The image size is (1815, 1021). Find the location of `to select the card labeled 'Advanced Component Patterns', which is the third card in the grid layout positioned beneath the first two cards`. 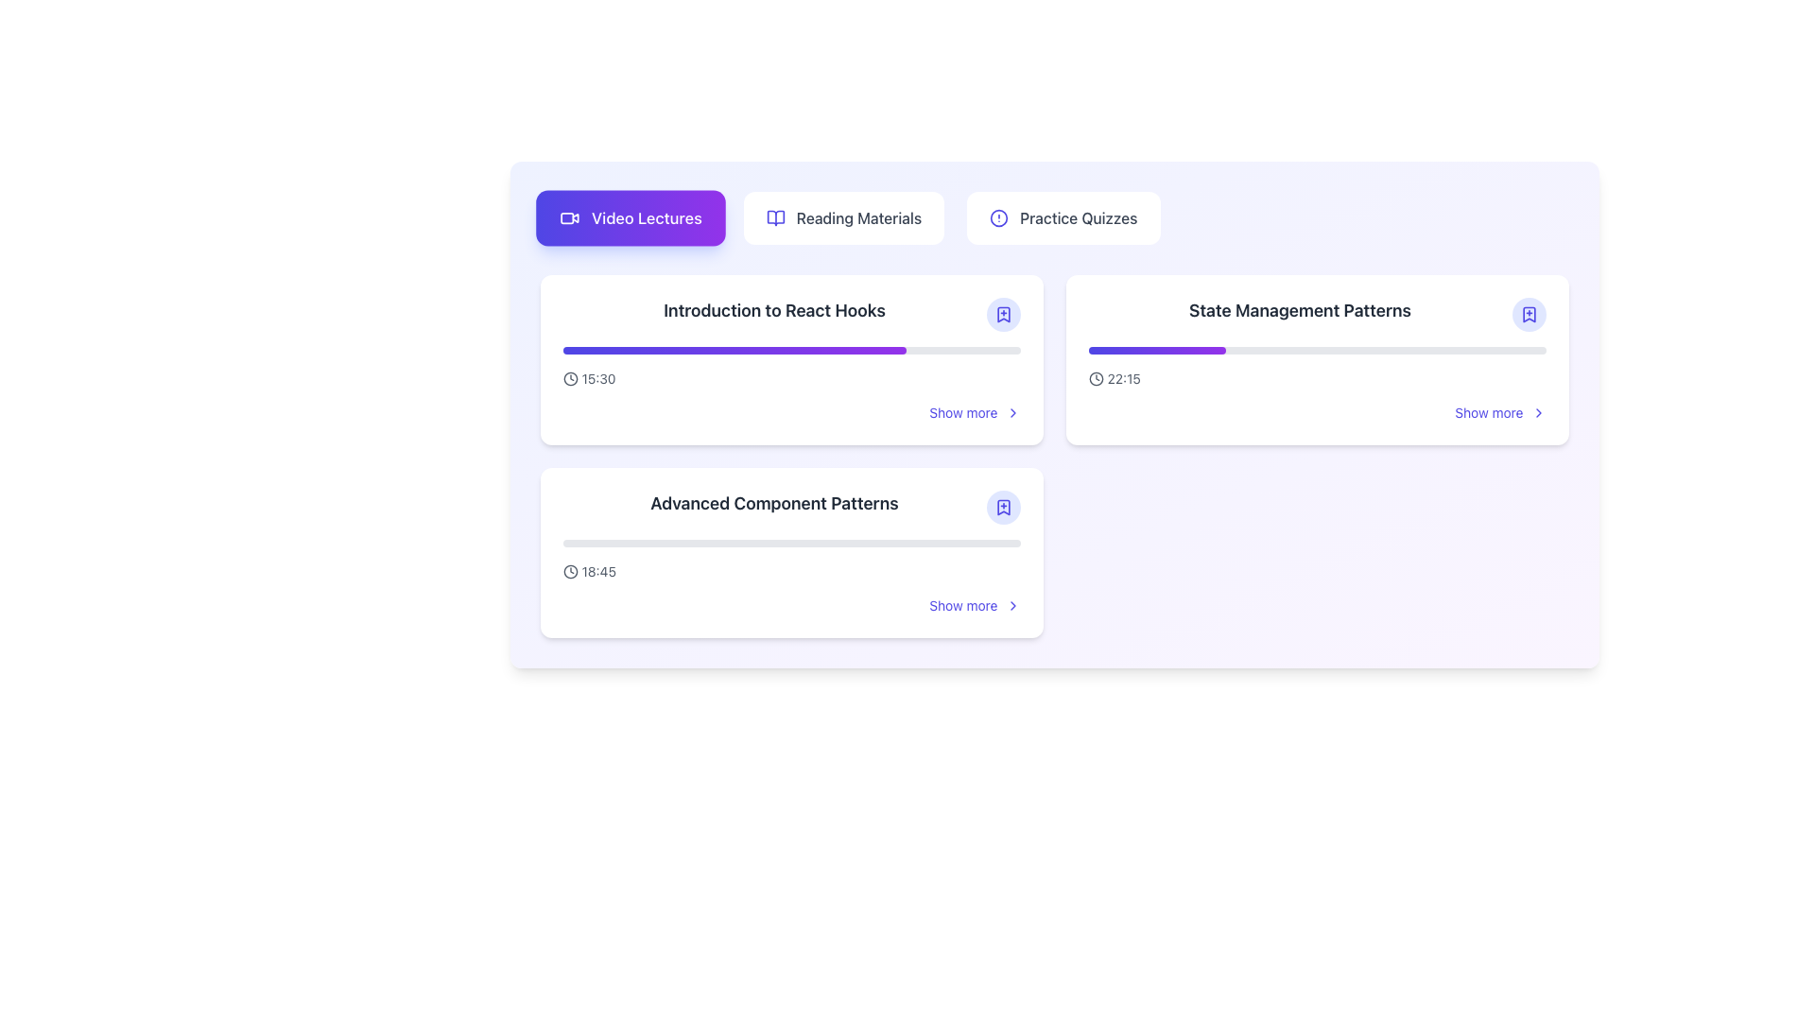

to select the card labeled 'Advanced Component Patterns', which is the third card in the grid layout positioned beneath the first two cards is located at coordinates (791, 553).